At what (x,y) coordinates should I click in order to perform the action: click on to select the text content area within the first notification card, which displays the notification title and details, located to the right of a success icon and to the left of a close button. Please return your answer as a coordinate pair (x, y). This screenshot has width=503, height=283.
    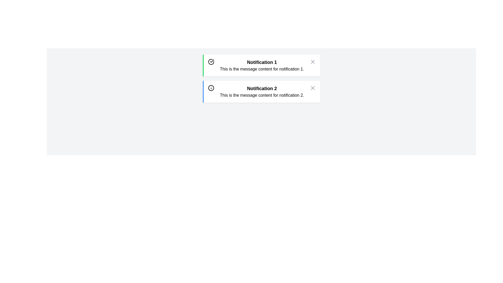
    Looking at the image, I should click on (262, 65).